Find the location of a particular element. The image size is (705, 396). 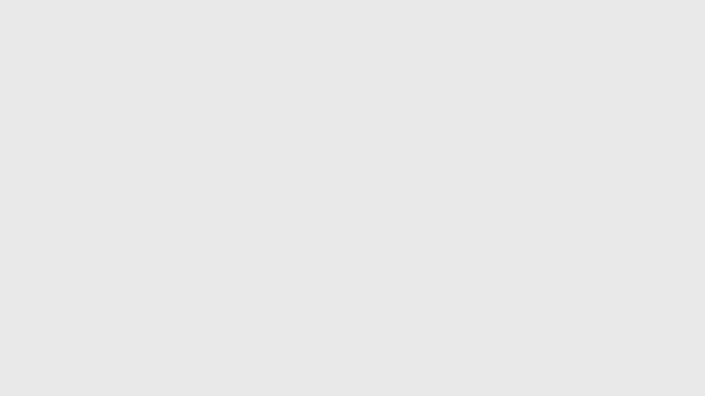

Add item to favorites is located at coordinates (515, 12).